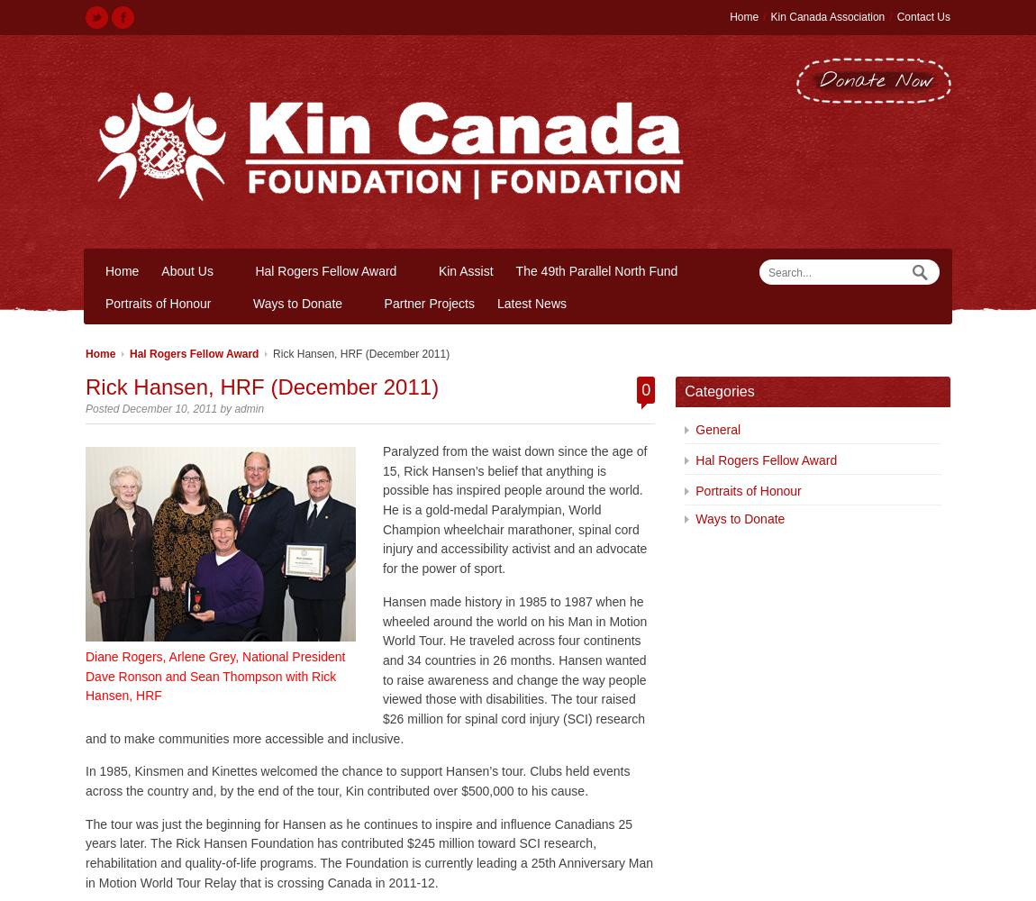 The image size is (1036, 901). I want to click on 'Paralyzed from the waist down since the age of 15, Rick Hansen’s belief that anything is possible has inspired people around the world. He is a gold-medal Paralympian, World Champion wheelchair marathoner, spinal cord injury and accessibility activist and an advocate for the power of sport.', so click(514, 509).